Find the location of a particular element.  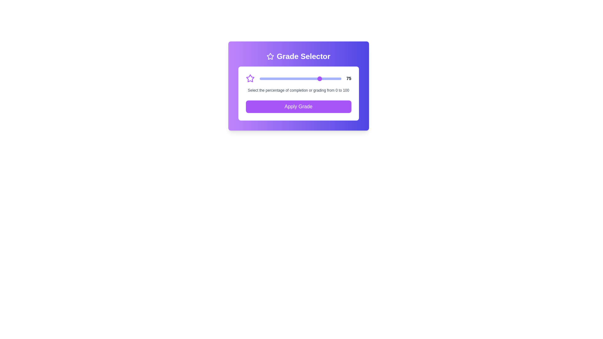

the slider is located at coordinates (259, 78).